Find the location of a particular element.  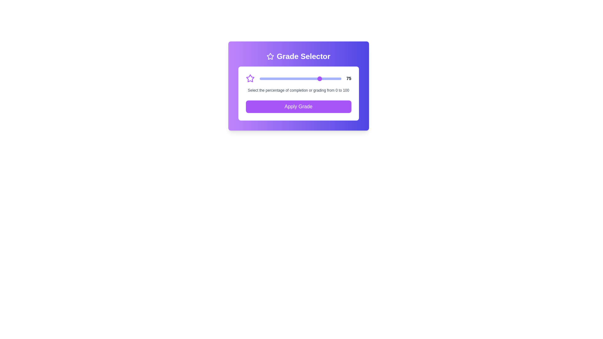

the slider is located at coordinates (259, 78).